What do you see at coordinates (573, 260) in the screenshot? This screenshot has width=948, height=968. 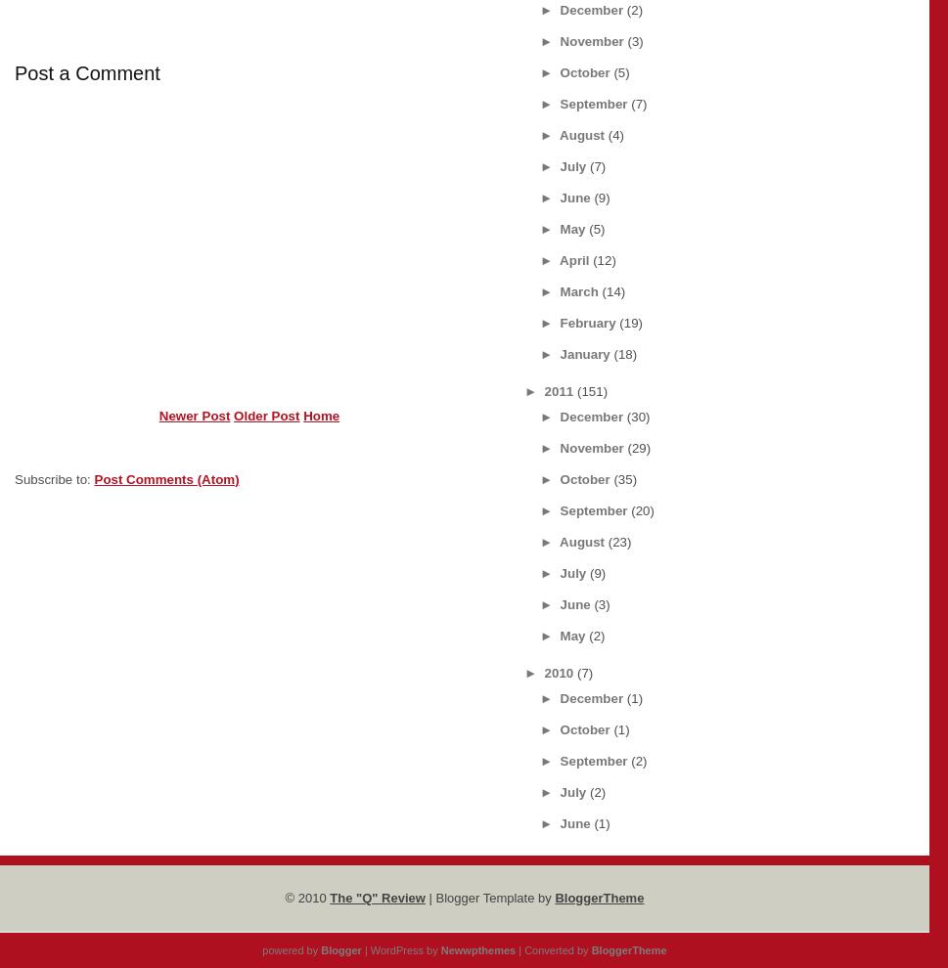 I see `'April'` at bounding box center [573, 260].